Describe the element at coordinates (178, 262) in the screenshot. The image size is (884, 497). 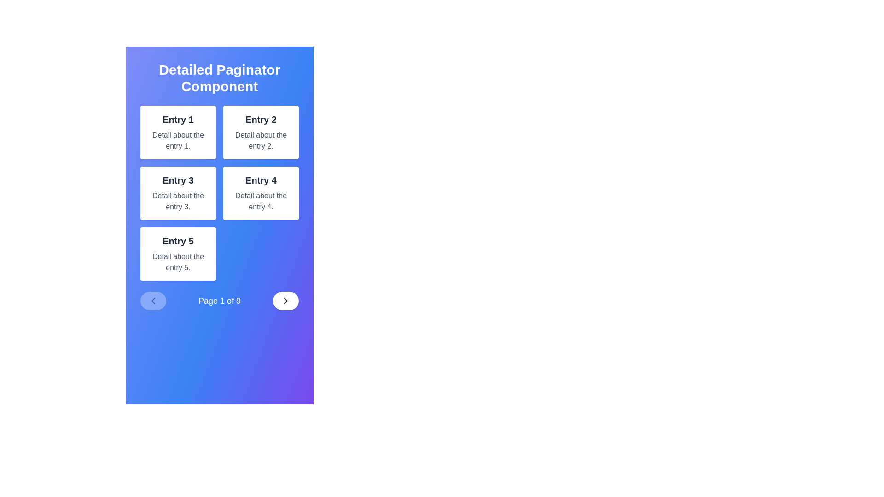
I see `the Text label that provides a description for 'Entry 5', located beneath the primary heading within the card in the bottom-left corner of the grid layout` at that location.